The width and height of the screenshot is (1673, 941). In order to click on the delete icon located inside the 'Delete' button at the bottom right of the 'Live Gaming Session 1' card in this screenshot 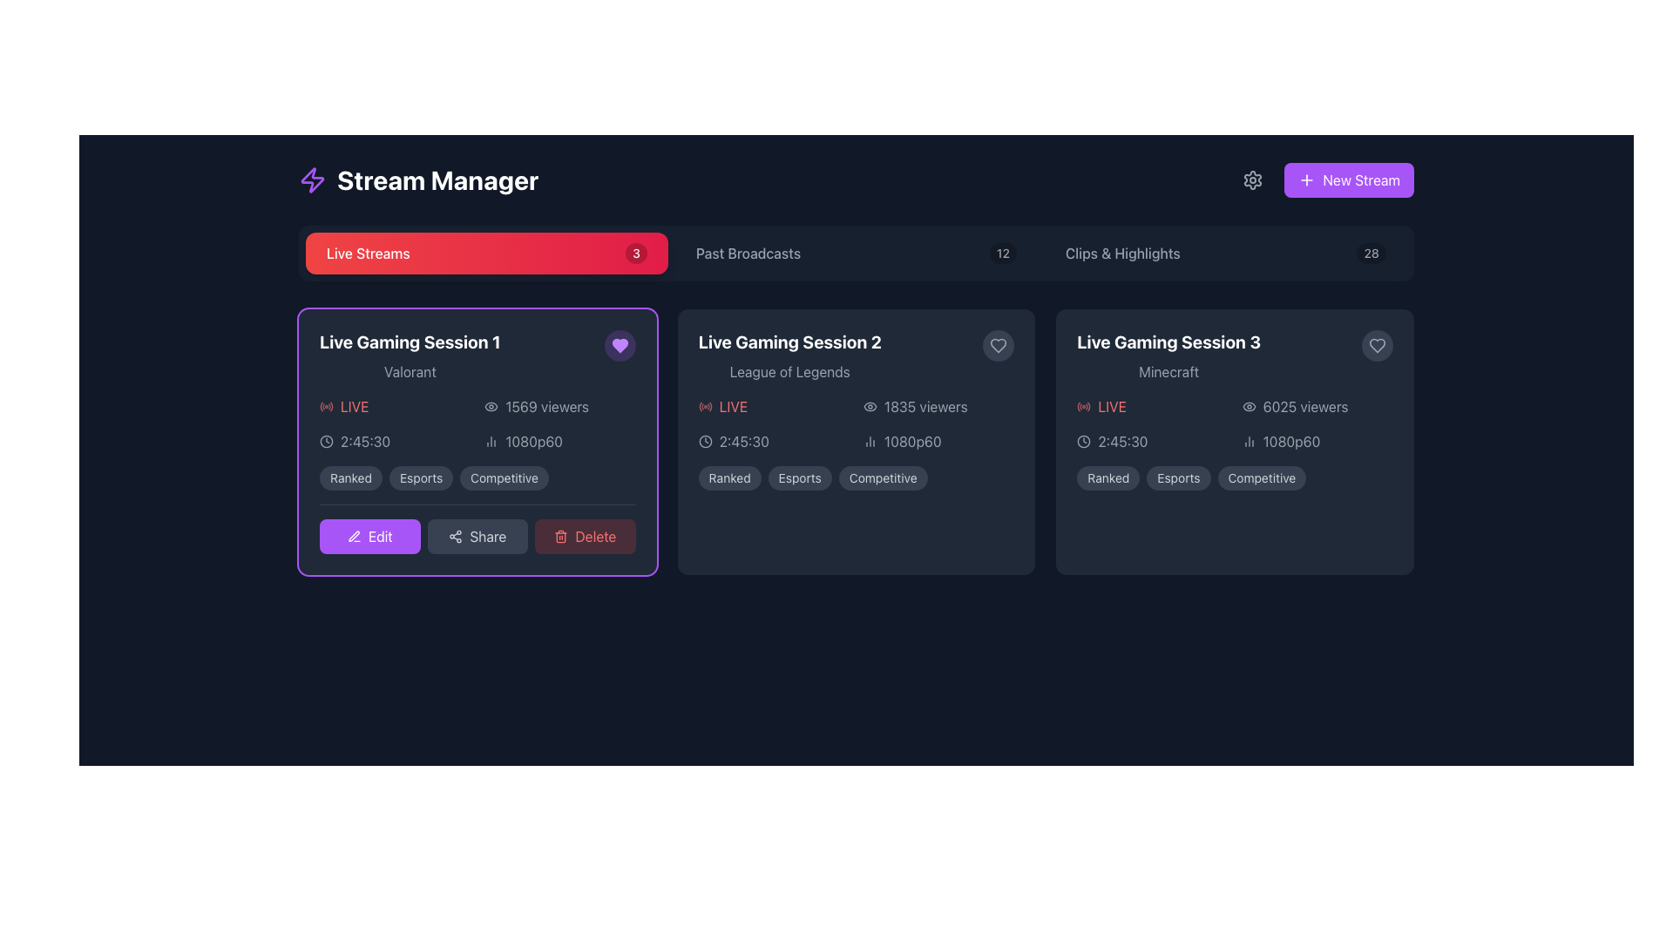, I will do `click(561, 536)`.